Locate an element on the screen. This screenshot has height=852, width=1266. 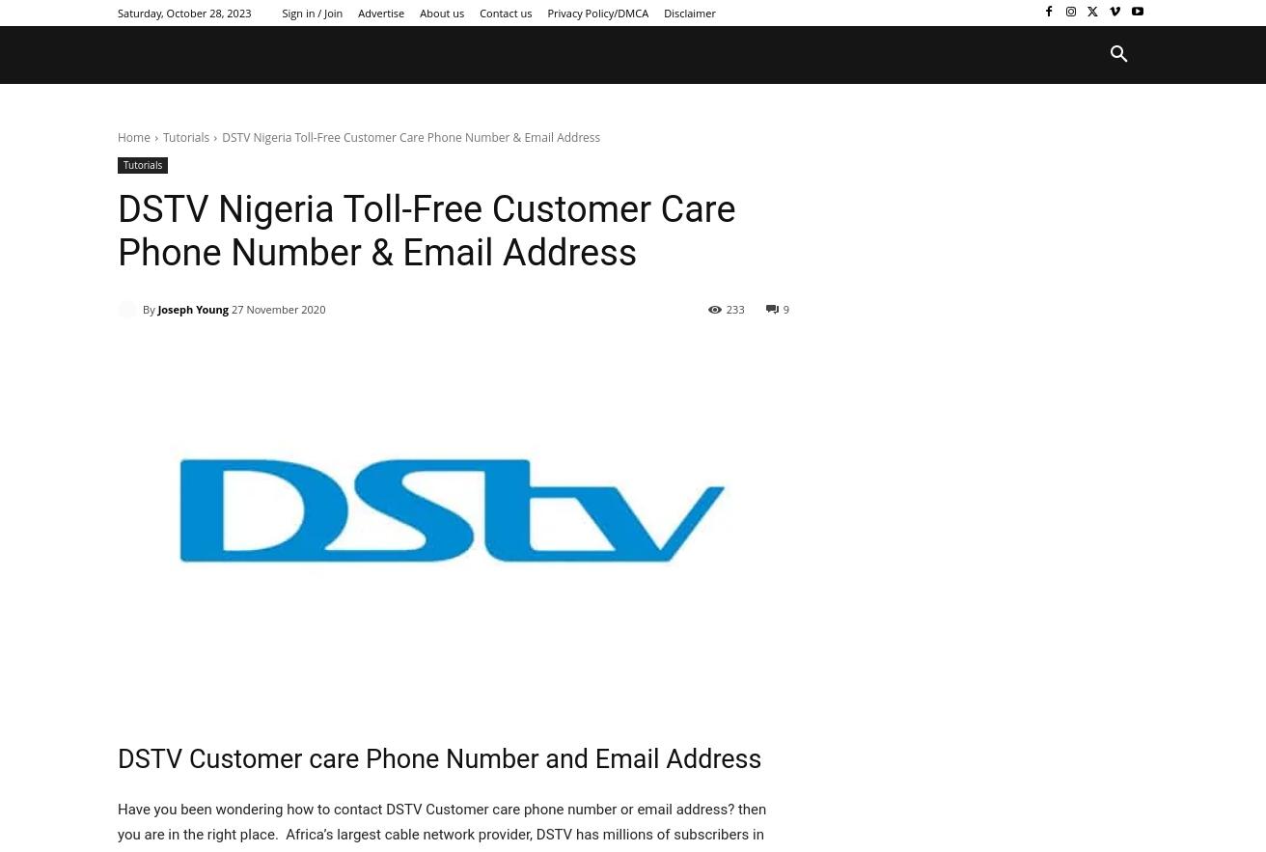
'Phones' is located at coordinates (556, 52).